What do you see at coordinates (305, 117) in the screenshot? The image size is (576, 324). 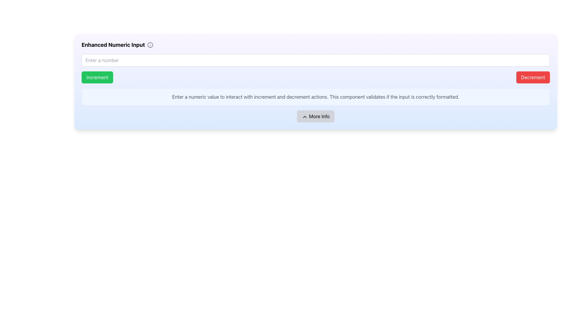 I see `the icon located in the middle-left area of the 'More Info' button` at bounding box center [305, 117].